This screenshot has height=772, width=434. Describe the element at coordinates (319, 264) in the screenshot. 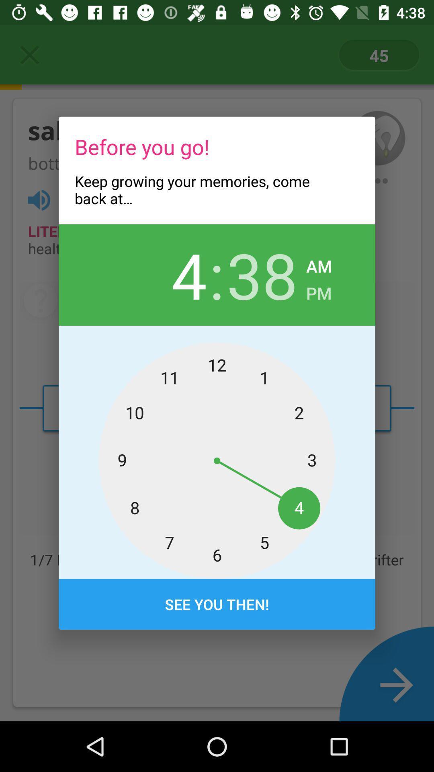

I see `the am icon` at that location.